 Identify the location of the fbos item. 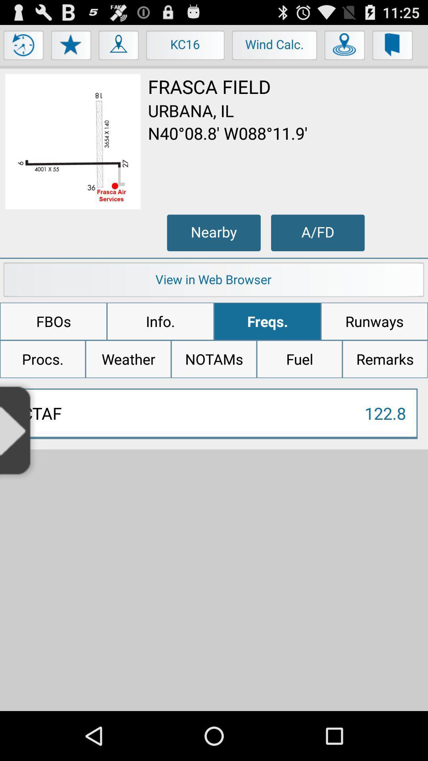
(53, 321).